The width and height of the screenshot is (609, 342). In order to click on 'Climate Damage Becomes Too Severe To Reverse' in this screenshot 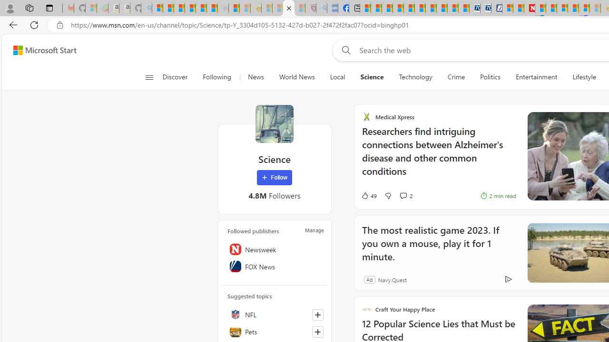, I will do `click(398, 8)`.